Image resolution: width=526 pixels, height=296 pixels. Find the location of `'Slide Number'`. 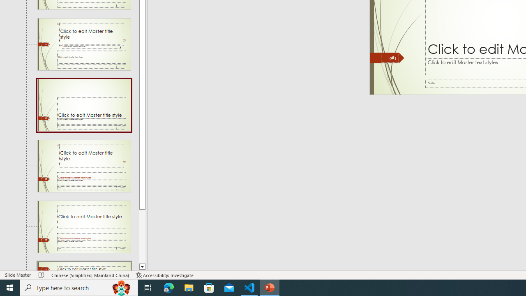

'Slide Number' is located at coordinates (390, 58).